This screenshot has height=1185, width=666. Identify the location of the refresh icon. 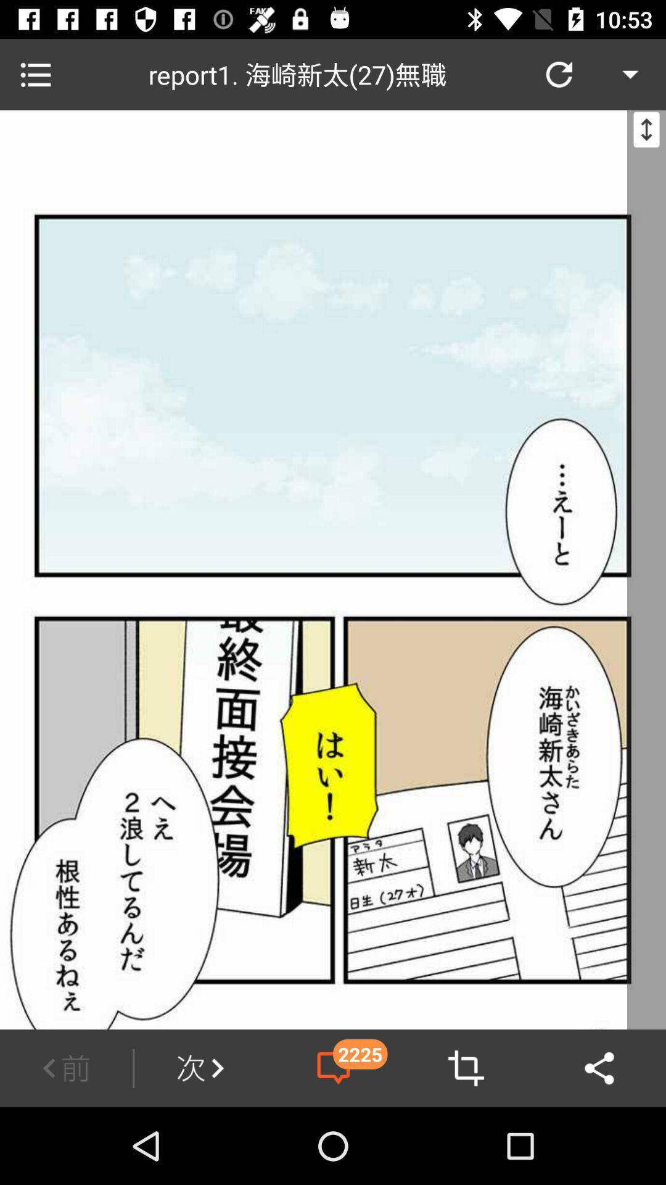
(559, 73).